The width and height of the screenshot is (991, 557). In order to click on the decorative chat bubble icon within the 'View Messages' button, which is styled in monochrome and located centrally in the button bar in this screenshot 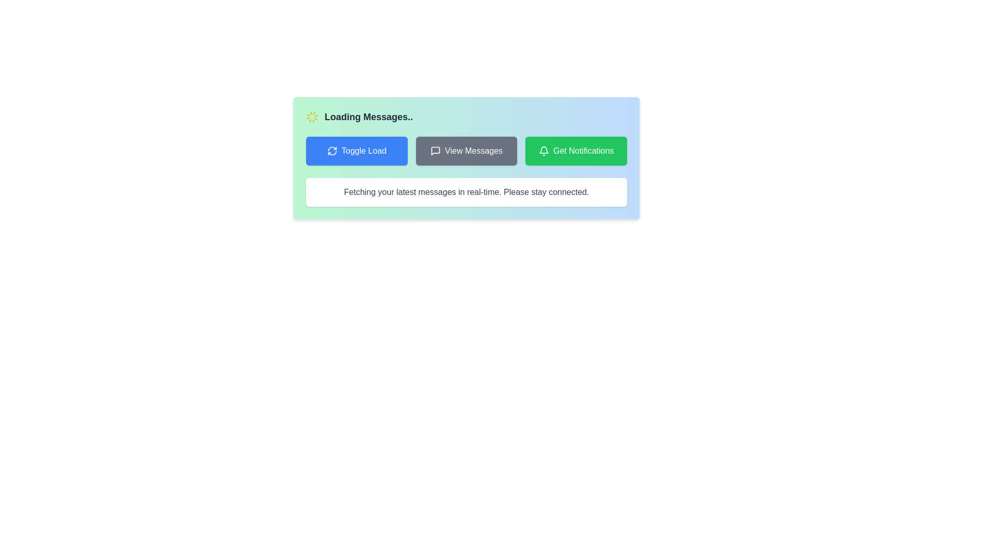, I will do `click(436, 151)`.